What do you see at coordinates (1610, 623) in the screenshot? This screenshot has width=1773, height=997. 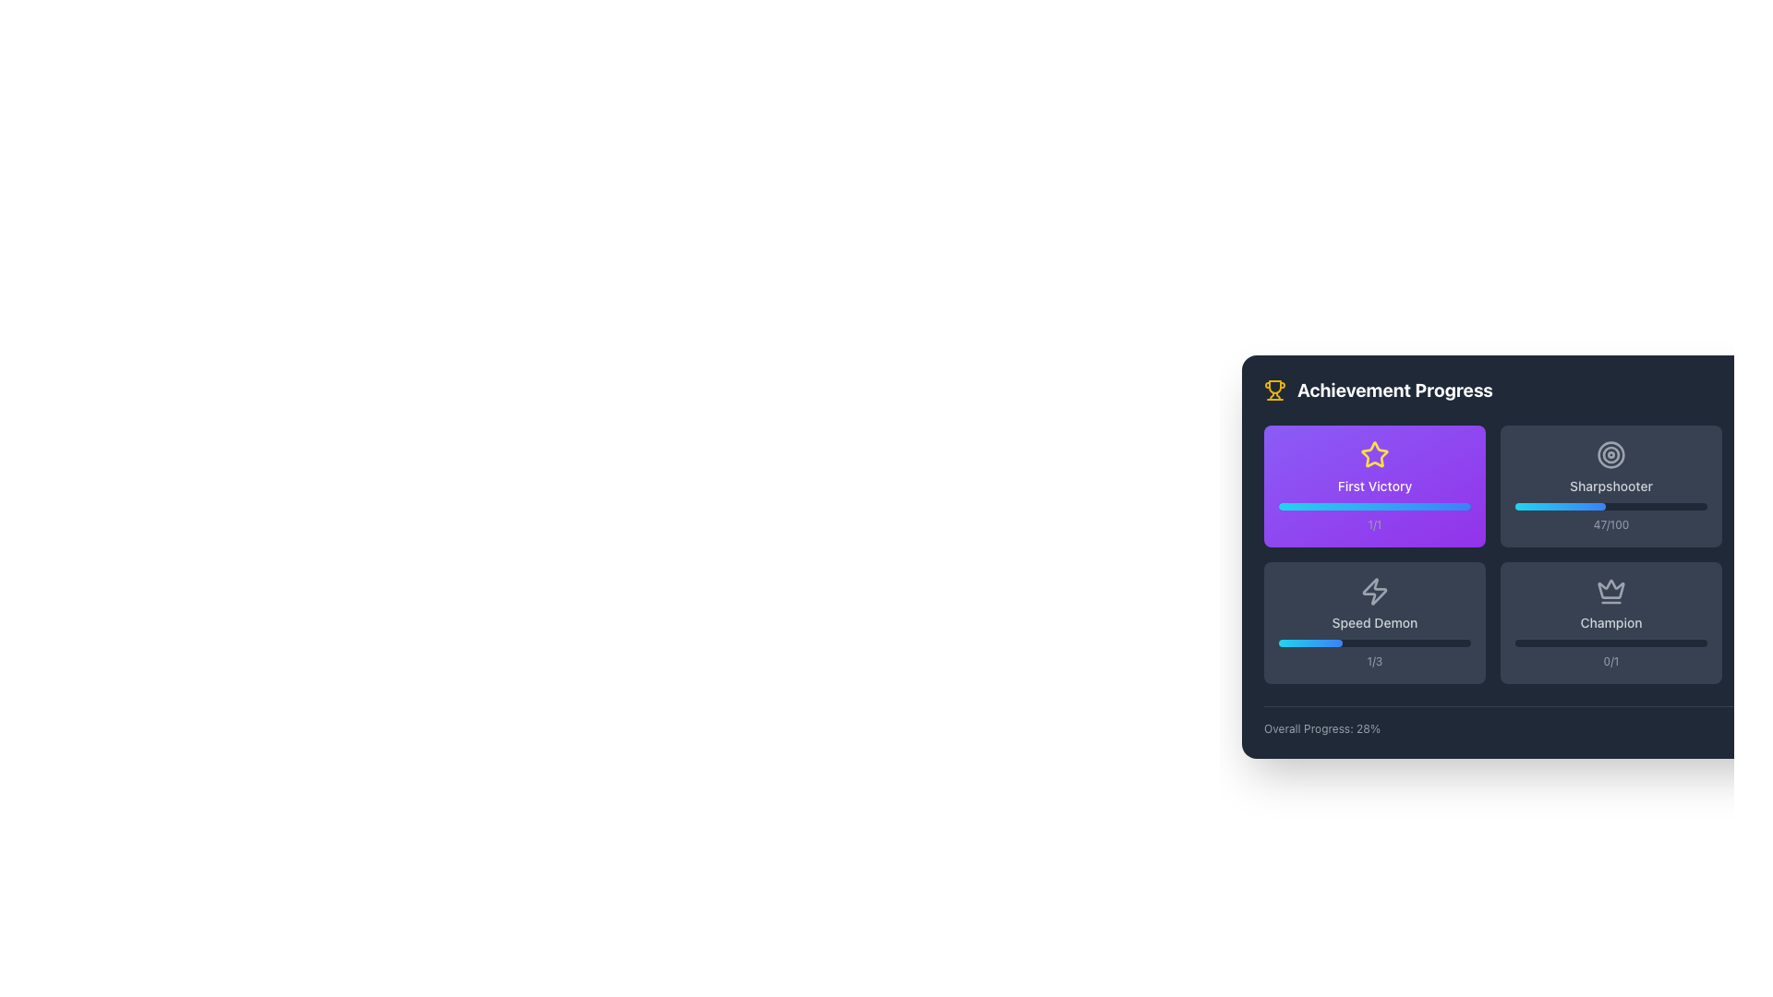 I see `the Progress tracker card labeled 'Champion', located in the bottom-right corner of the grid, specifically the fourth card below 'Sharpshooter' and to the right of 'Speed Demon'` at bounding box center [1610, 623].